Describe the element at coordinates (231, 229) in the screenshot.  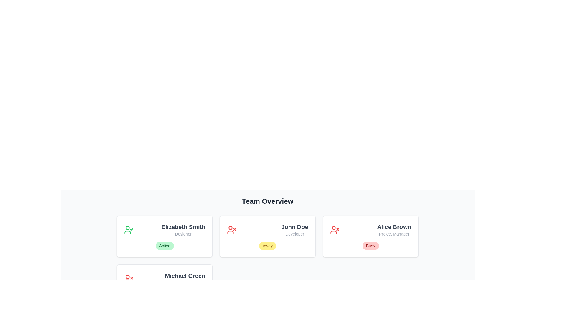
I see `the status icon within John Doe's profile card, indicating that he is unavailable or suspended` at that location.